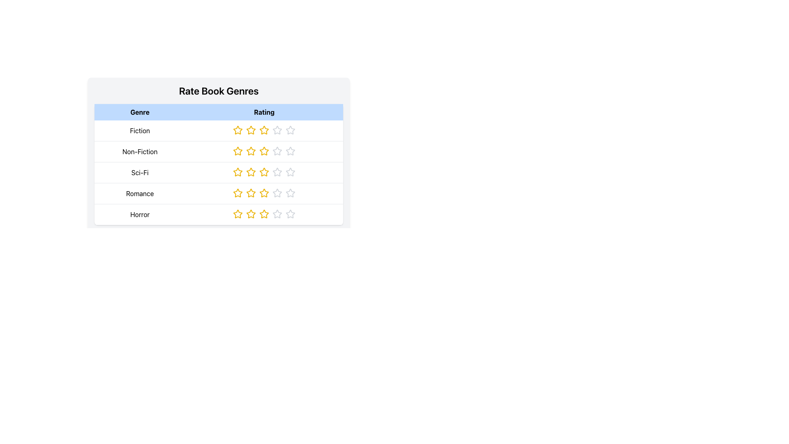 This screenshot has width=789, height=444. What do you see at coordinates (264, 171) in the screenshot?
I see `the third SVG-based star icon in the rating interface for the Sci-Fi genre to adjust the rating` at bounding box center [264, 171].